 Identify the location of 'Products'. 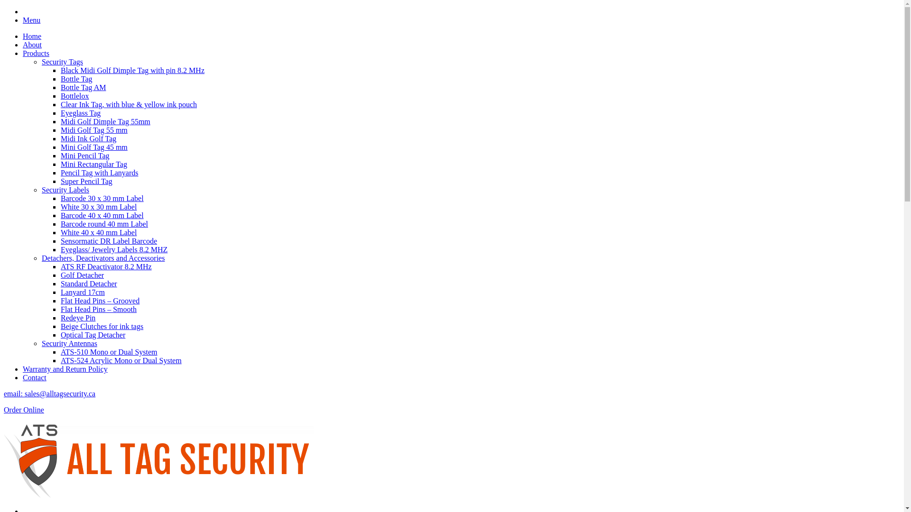
(36, 53).